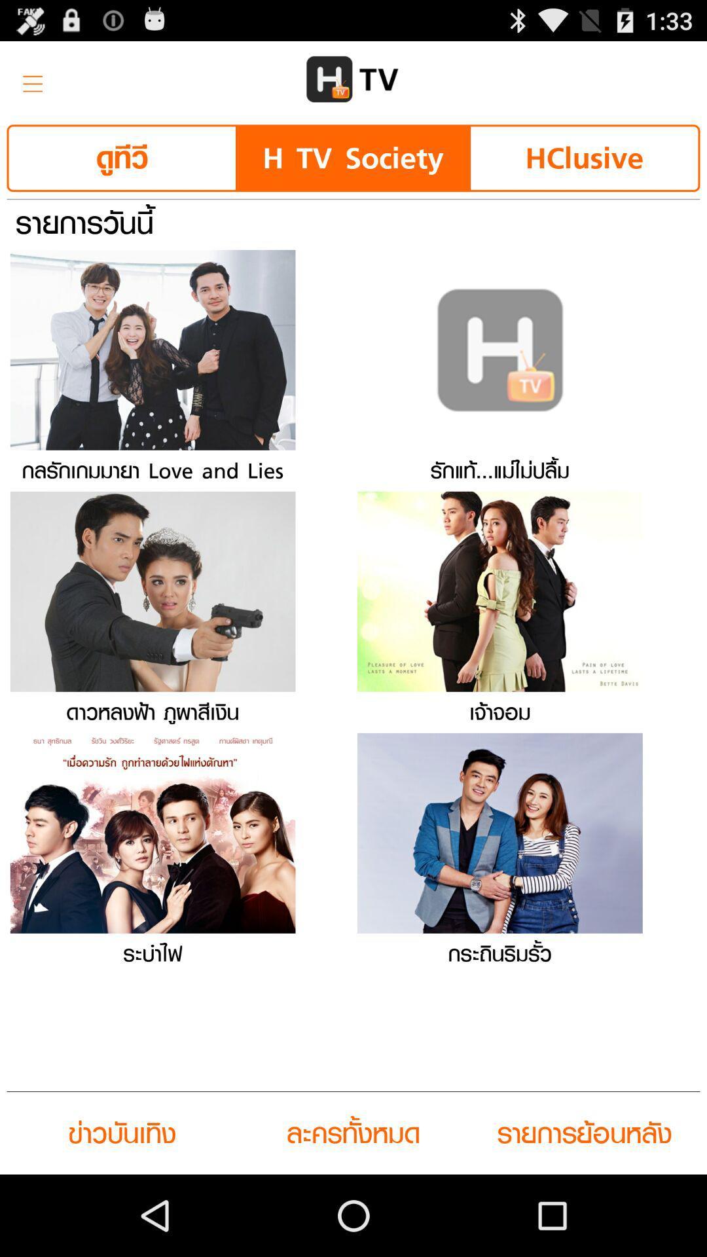  Describe the element at coordinates (122, 157) in the screenshot. I see `the button to the left of h tv society item` at that location.